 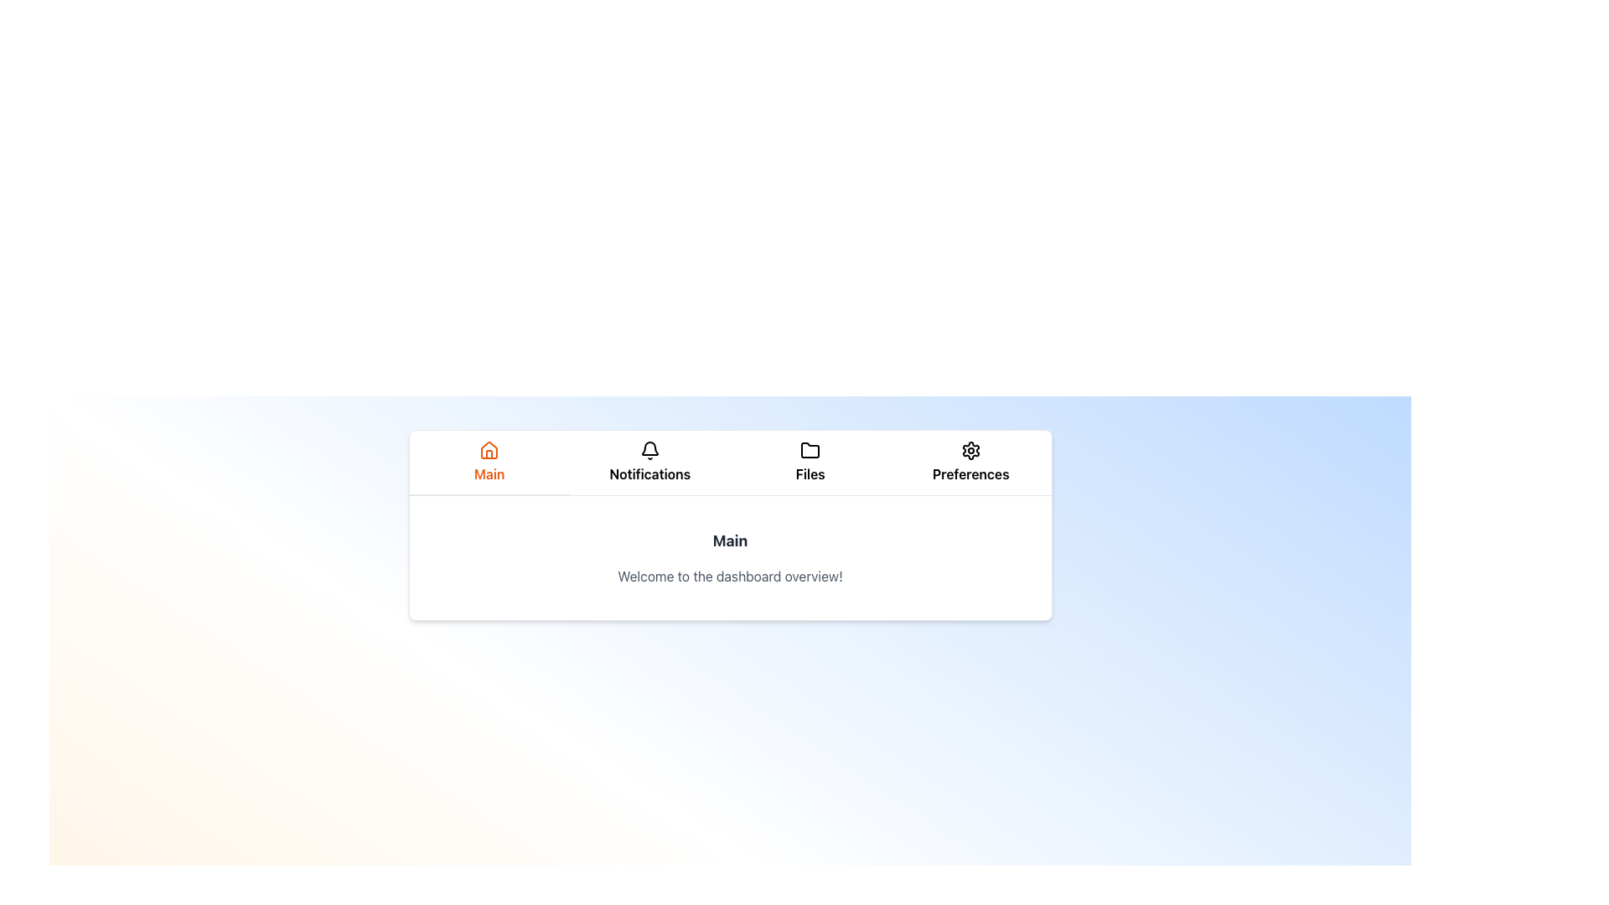 I want to click on the 'Preferences' button, which is the fourth menu item in the navigation bar featuring a gear icon above bold black text, so click(x=970, y=463).